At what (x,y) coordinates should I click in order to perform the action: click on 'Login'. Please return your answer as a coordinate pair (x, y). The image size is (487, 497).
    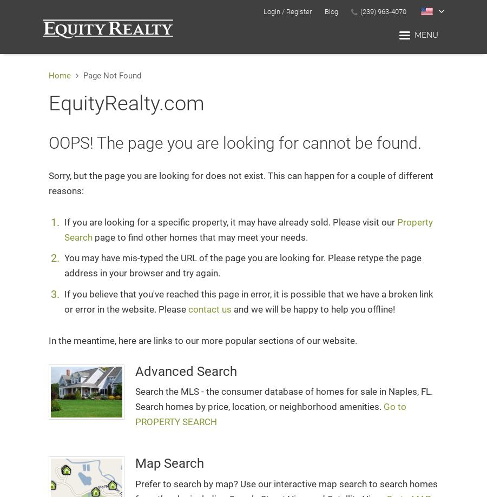
    Looking at the image, I should click on (262, 11).